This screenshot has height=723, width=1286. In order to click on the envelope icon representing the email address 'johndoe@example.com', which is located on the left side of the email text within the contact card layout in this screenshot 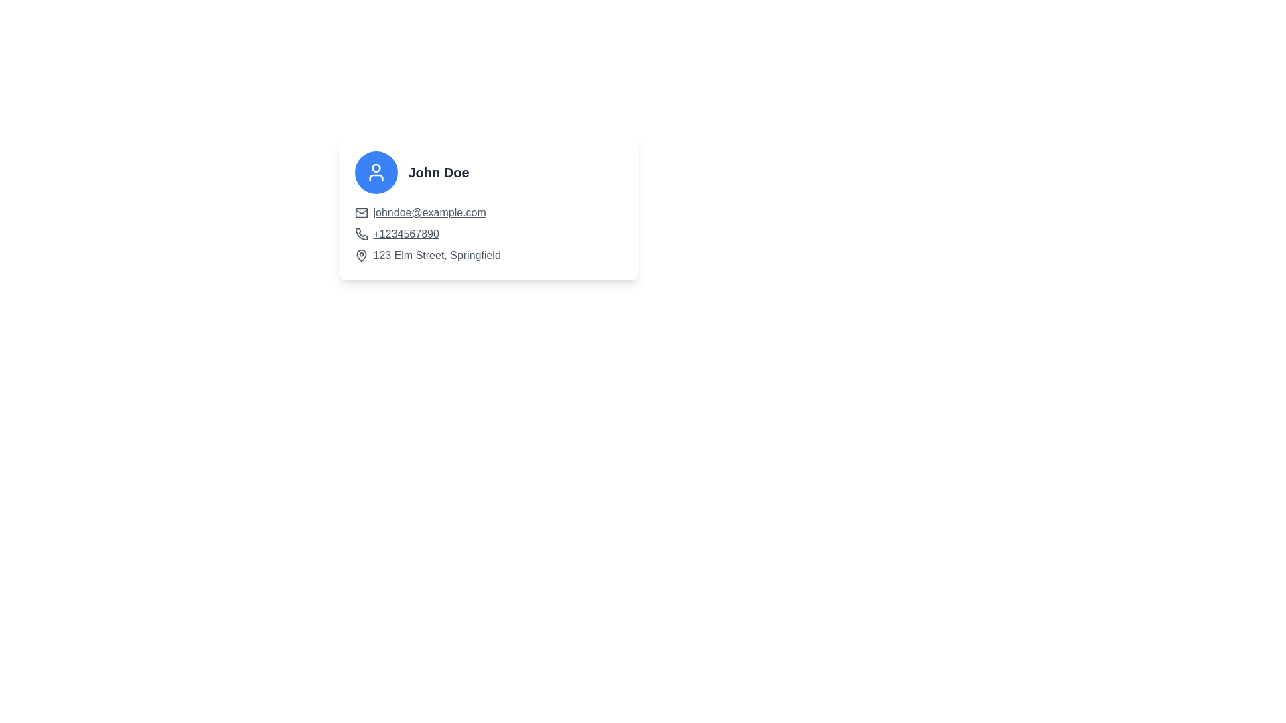, I will do `click(361, 212)`.